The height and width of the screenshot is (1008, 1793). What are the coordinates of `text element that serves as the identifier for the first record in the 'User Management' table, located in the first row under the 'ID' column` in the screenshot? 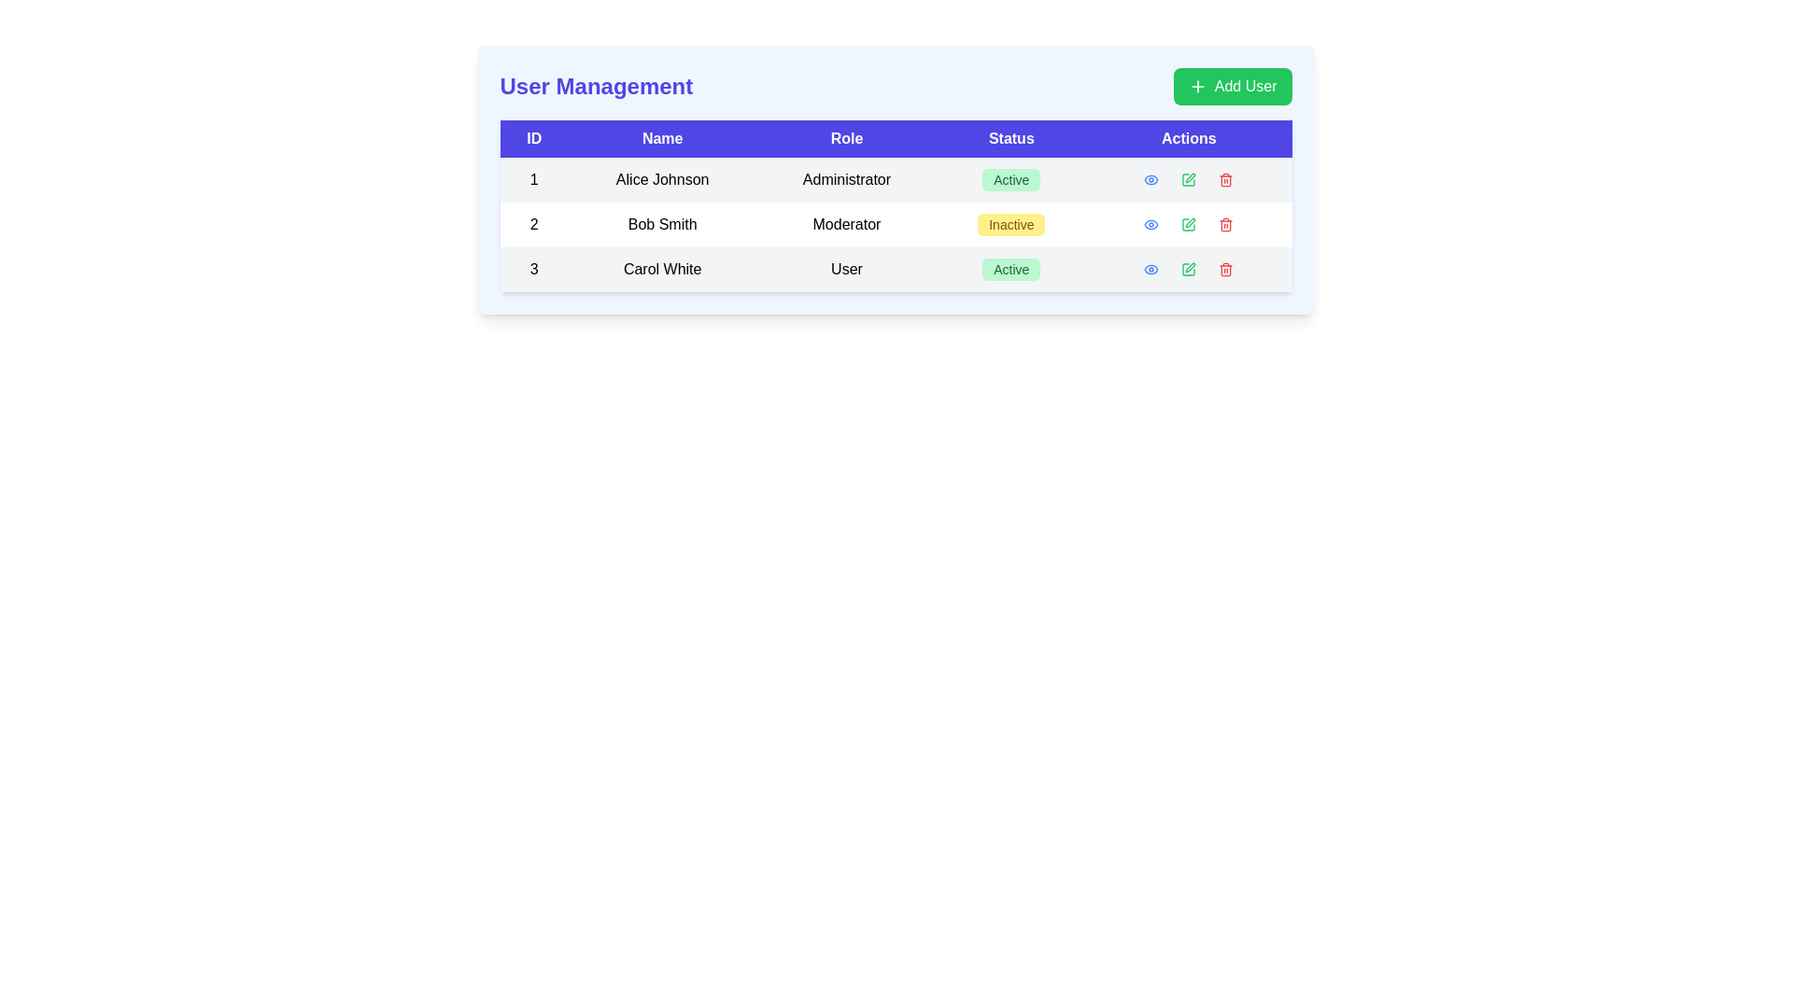 It's located at (533, 179).